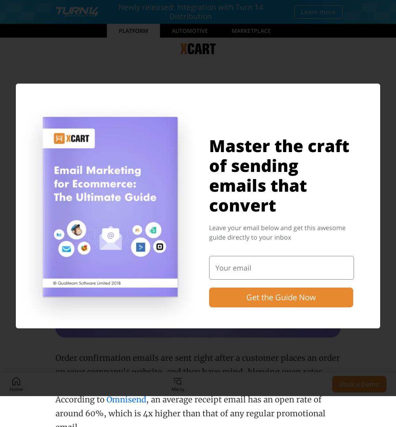  What do you see at coordinates (177, 136) in the screenshot?
I see `'Order Confirmation Email: 20 Templates and Examples To Use Today'` at bounding box center [177, 136].